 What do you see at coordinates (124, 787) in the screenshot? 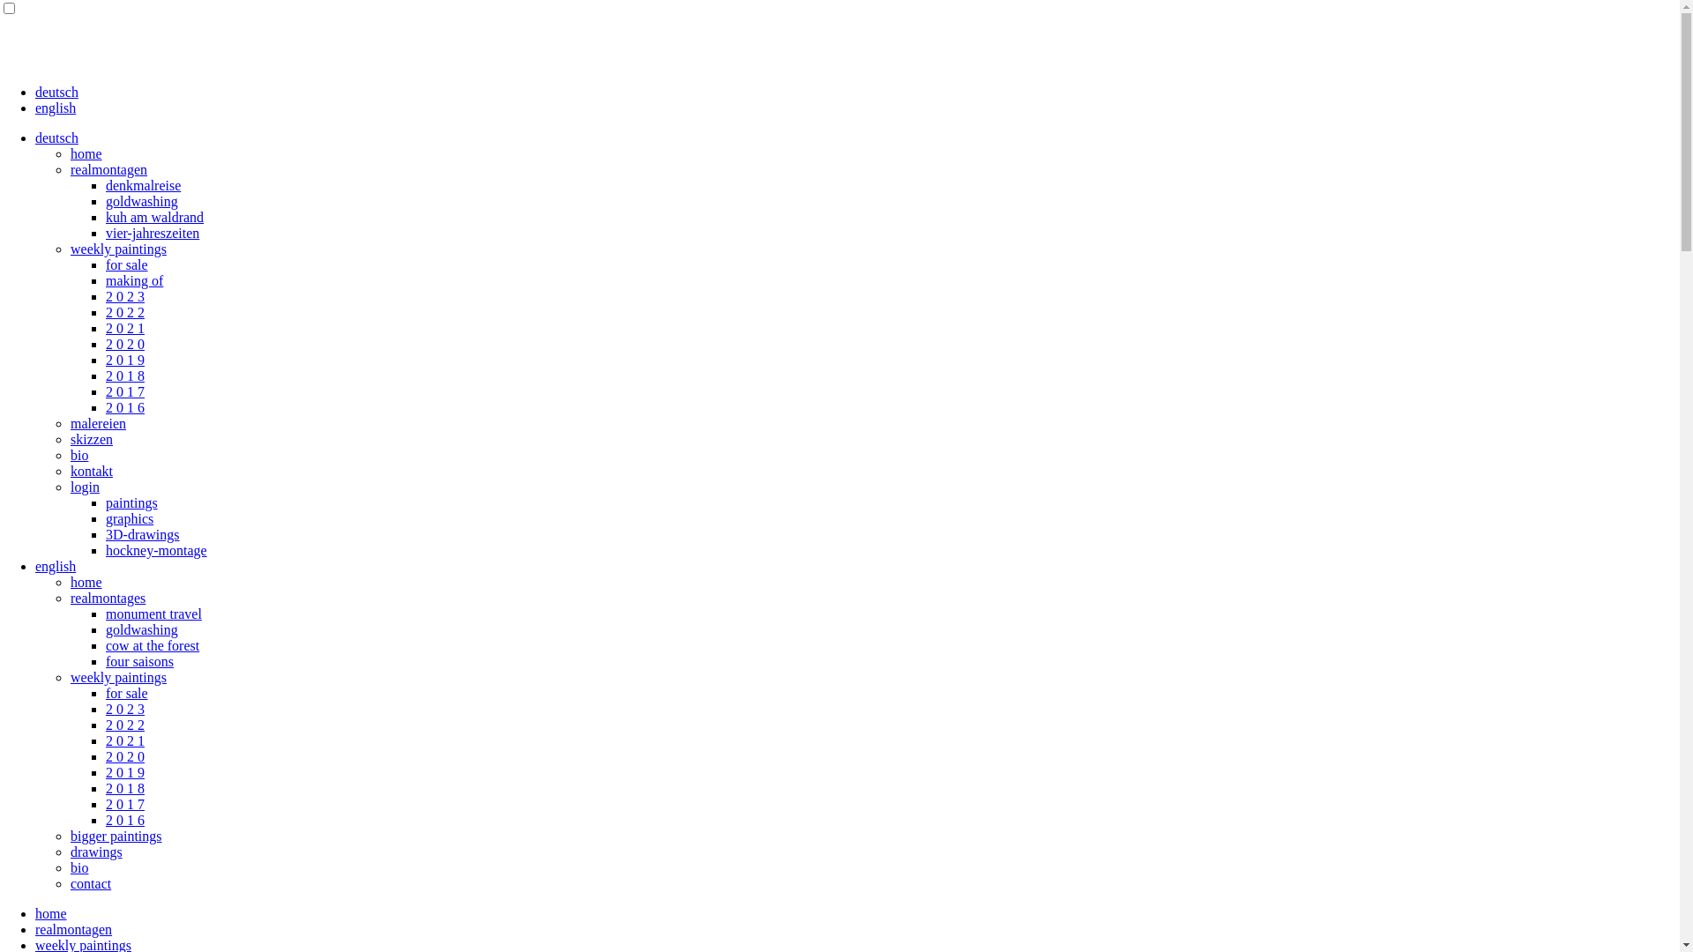
I see `'2 0 1 8'` at bounding box center [124, 787].